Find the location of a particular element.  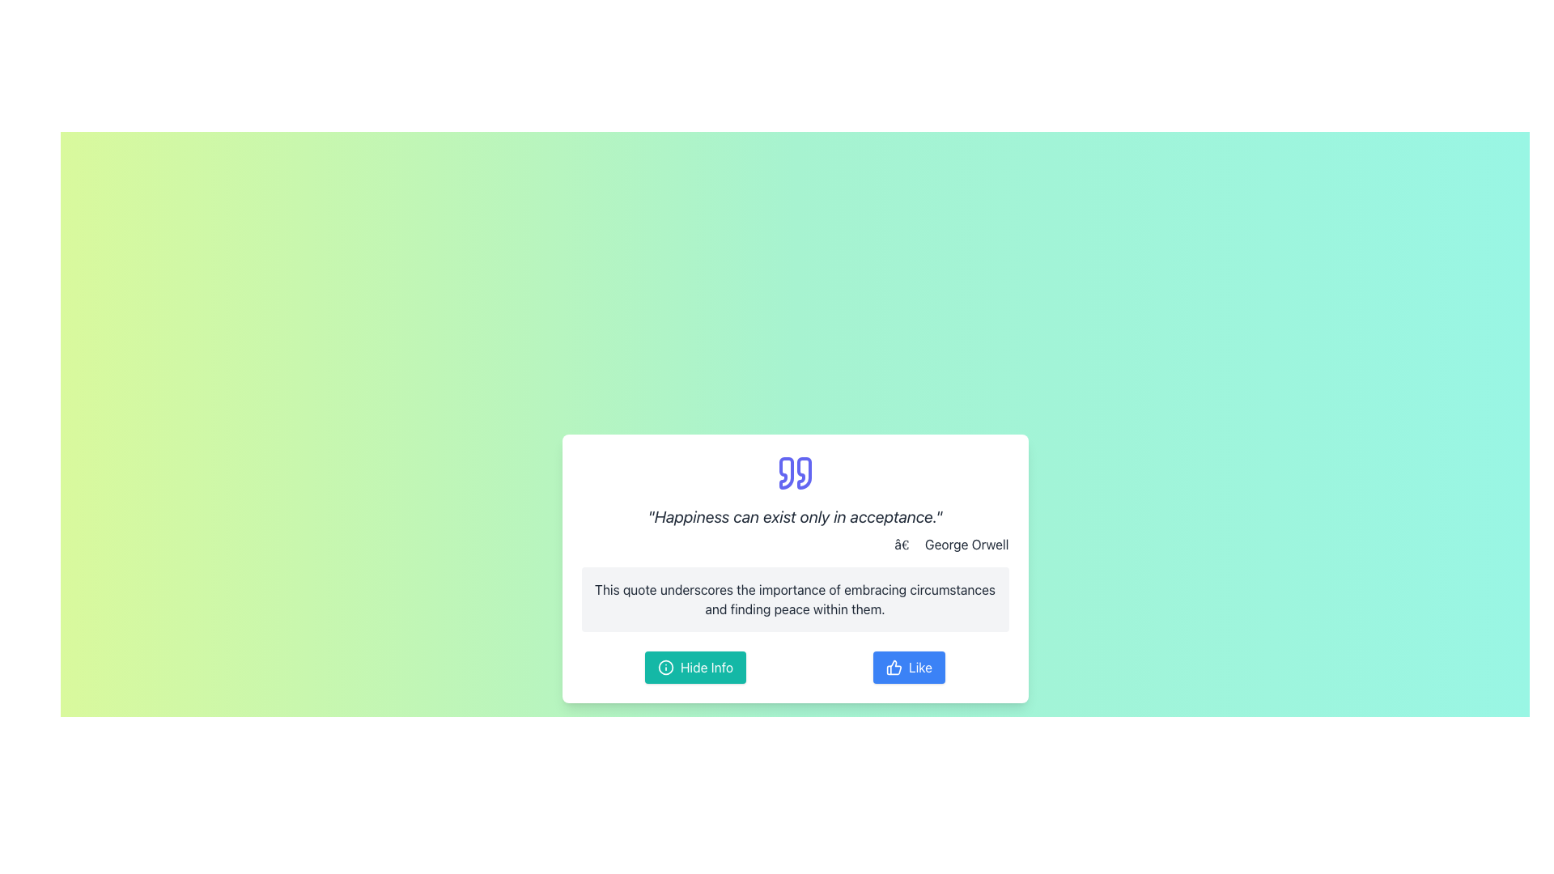

the stylized 'thumbs-up' icon on the 'Like' button located at the bottom right of the quote card is located at coordinates (893, 668).